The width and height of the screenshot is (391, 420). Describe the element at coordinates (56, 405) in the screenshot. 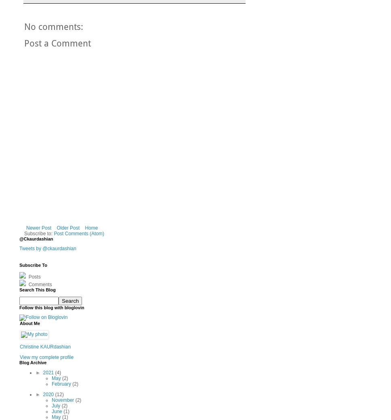

I see `'July'` at that location.